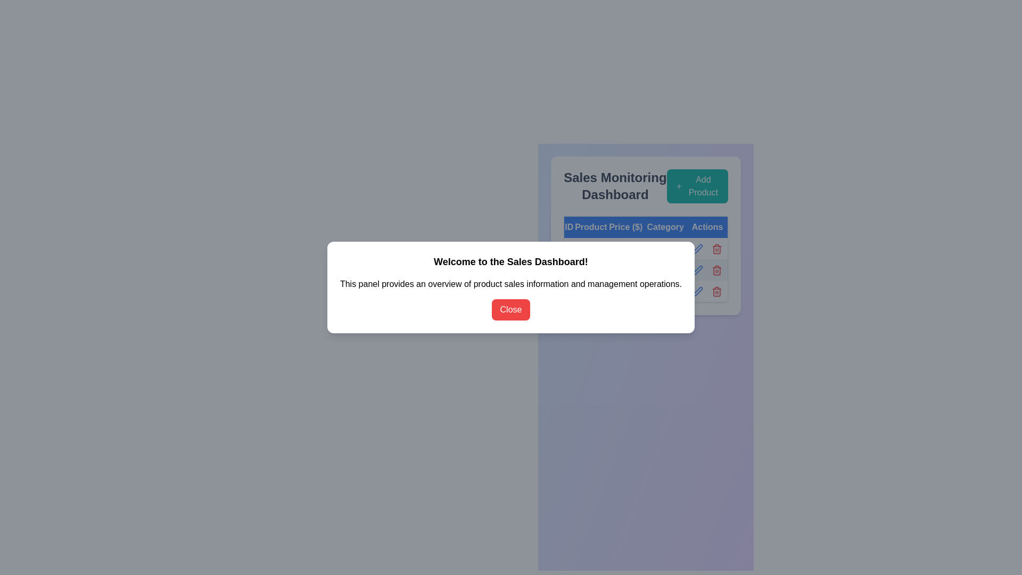 The height and width of the screenshot is (575, 1022). I want to click on the text label 'Actions' which is the last element in the header row of the Sales Monitoring Dashboard, so click(707, 226).